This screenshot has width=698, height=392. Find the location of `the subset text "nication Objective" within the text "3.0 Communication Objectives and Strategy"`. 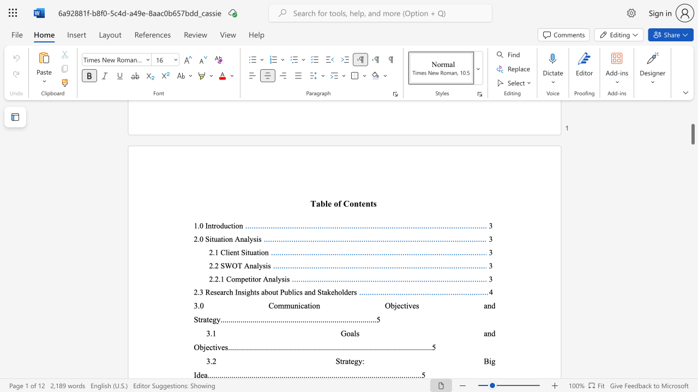

the subset text "nication Objective" within the text "3.0 Communication Objectives and Strategy" is located at coordinates (294, 305).